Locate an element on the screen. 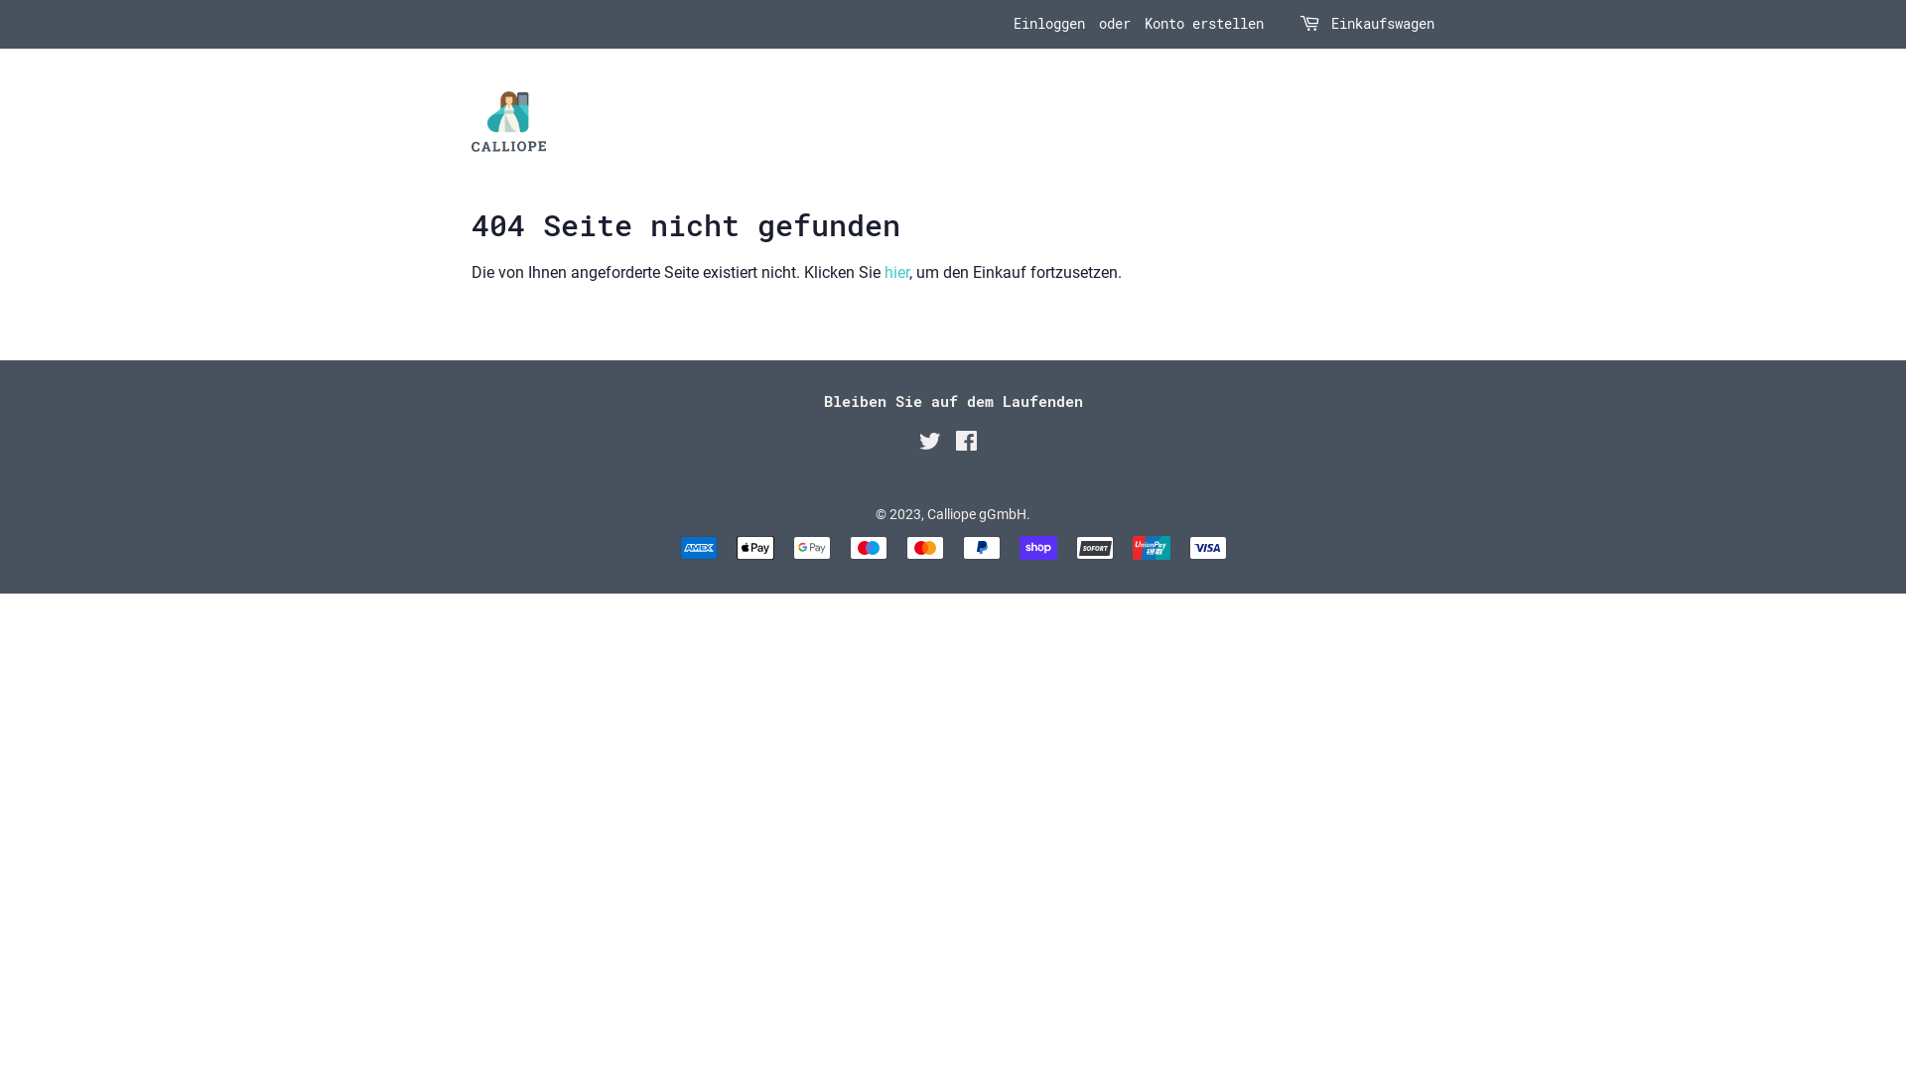 The height and width of the screenshot is (1072, 1906). 'Facebook' is located at coordinates (966, 443).